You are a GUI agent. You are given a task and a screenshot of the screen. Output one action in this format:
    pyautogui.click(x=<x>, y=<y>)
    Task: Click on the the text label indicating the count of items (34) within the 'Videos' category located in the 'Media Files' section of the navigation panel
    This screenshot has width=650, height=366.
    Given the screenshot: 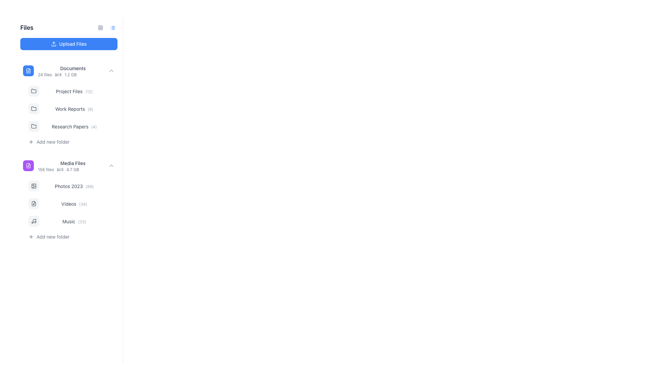 What is the action you would take?
    pyautogui.click(x=83, y=204)
    